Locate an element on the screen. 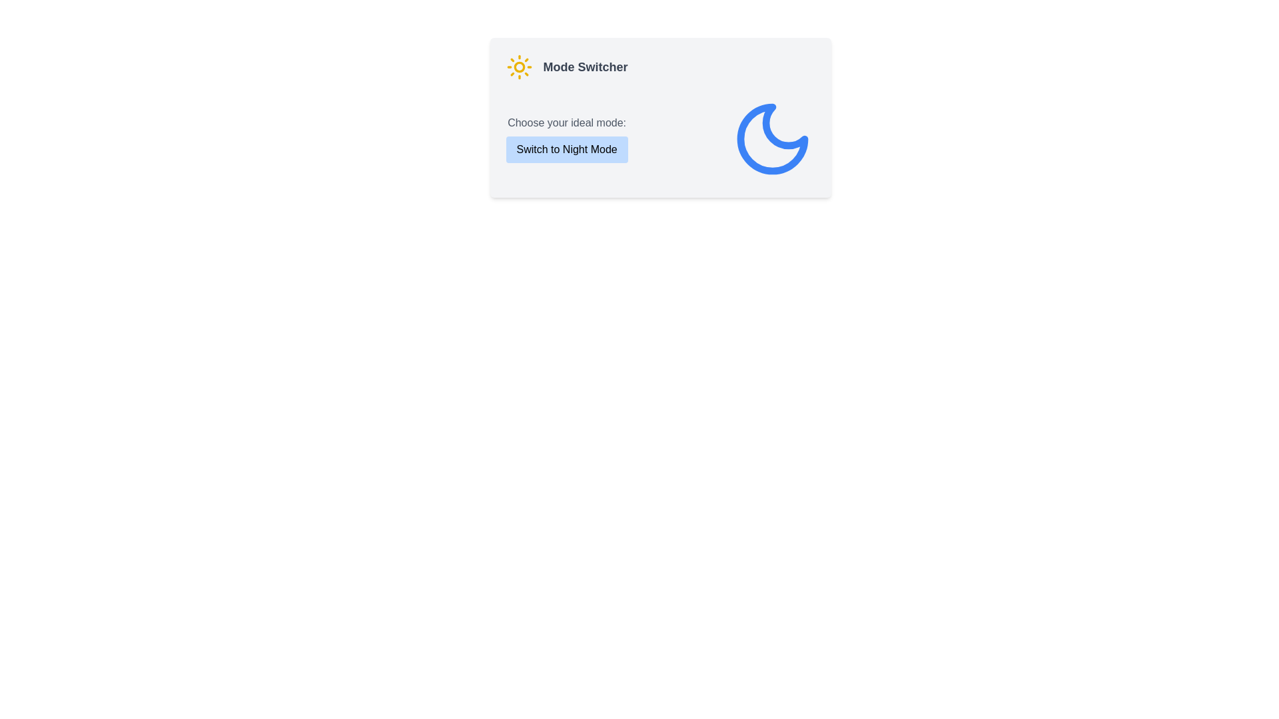 Image resolution: width=1279 pixels, height=719 pixels. the daylight mode icon located to the left of the bold 'Mode Switcher' text, which indicates the functionality for switching modes is located at coordinates (518, 67).